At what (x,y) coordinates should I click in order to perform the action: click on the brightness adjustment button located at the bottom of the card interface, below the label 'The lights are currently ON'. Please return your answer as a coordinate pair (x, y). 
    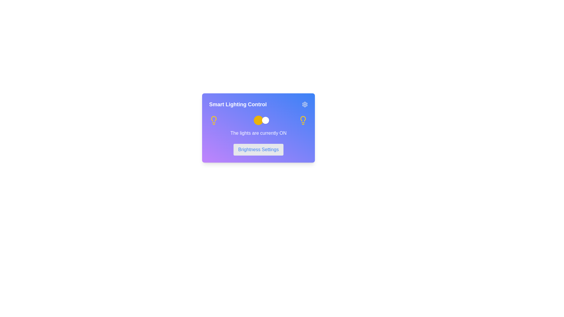
    Looking at the image, I should click on (258, 149).